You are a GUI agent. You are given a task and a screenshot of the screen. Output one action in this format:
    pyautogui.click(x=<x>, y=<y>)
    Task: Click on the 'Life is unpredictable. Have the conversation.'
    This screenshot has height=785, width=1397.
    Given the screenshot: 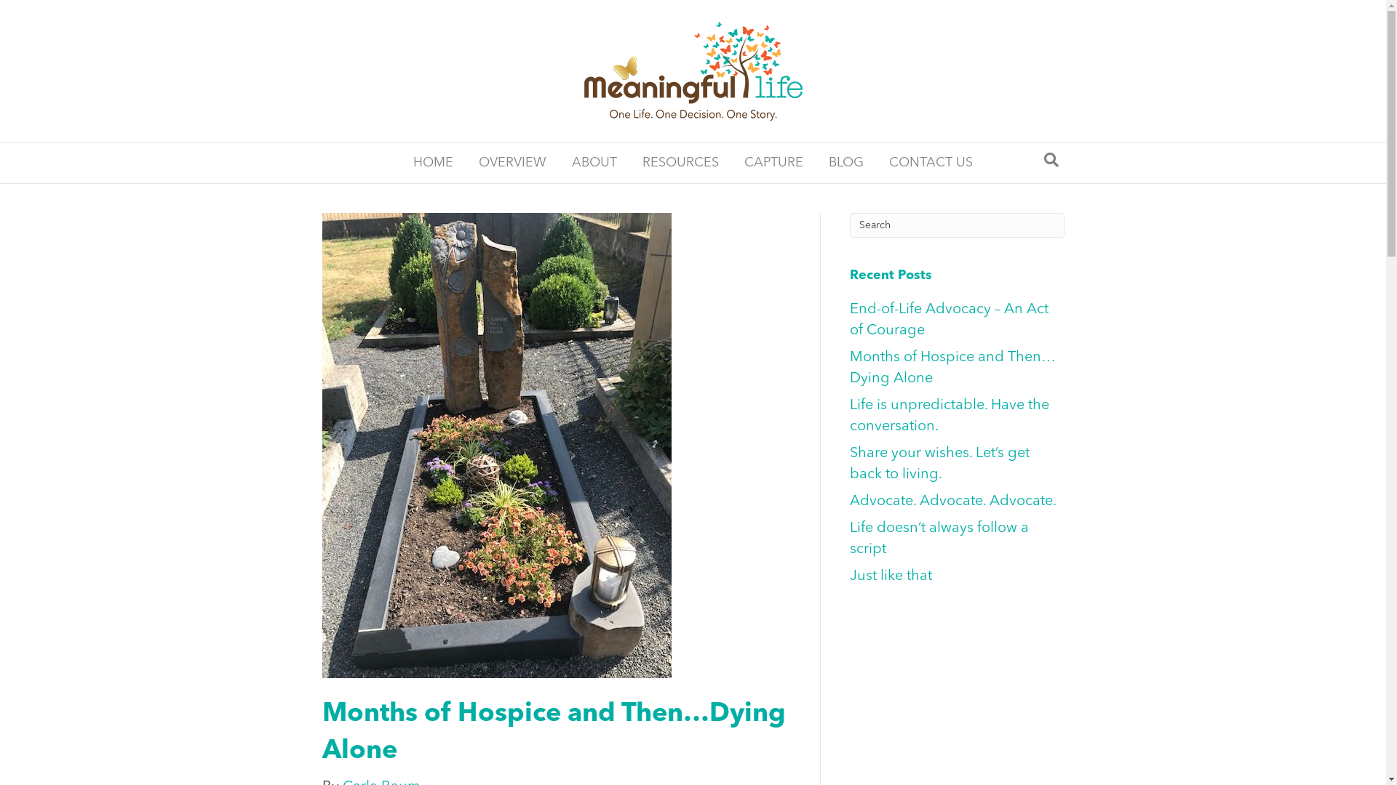 What is the action you would take?
    pyautogui.click(x=950, y=416)
    